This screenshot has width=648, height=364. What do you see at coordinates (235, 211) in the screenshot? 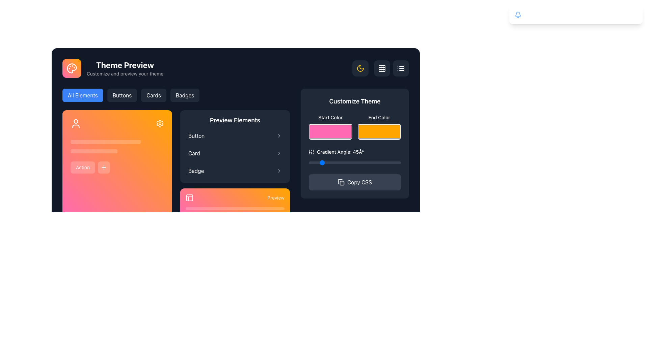
I see `the styled progress bar located within the 'Preview' section, which visually represents progress or data display` at bounding box center [235, 211].